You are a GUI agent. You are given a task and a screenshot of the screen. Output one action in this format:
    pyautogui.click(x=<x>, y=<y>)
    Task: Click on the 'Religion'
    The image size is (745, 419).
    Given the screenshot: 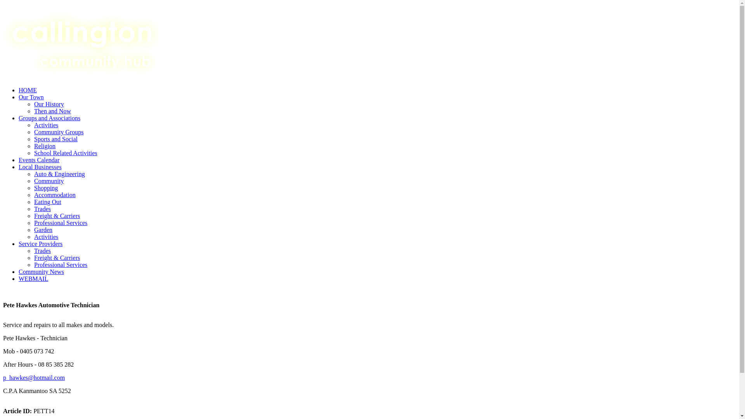 What is the action you would take?
    pyautogui.click(x=44, y=146)
    